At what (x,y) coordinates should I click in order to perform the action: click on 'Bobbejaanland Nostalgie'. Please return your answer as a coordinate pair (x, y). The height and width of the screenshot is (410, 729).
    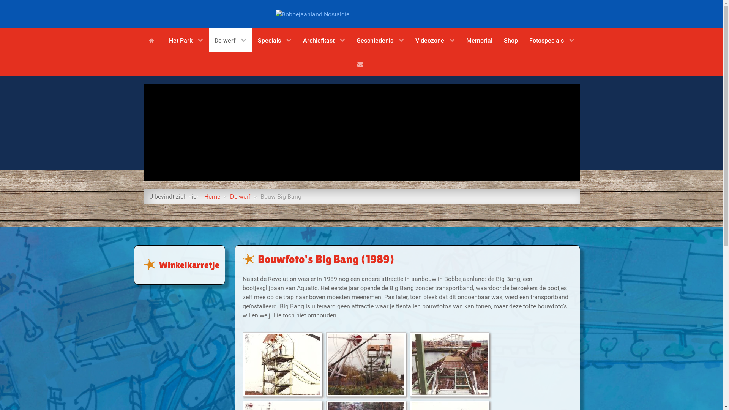
    Looking at the image, I should click on (312, 14).